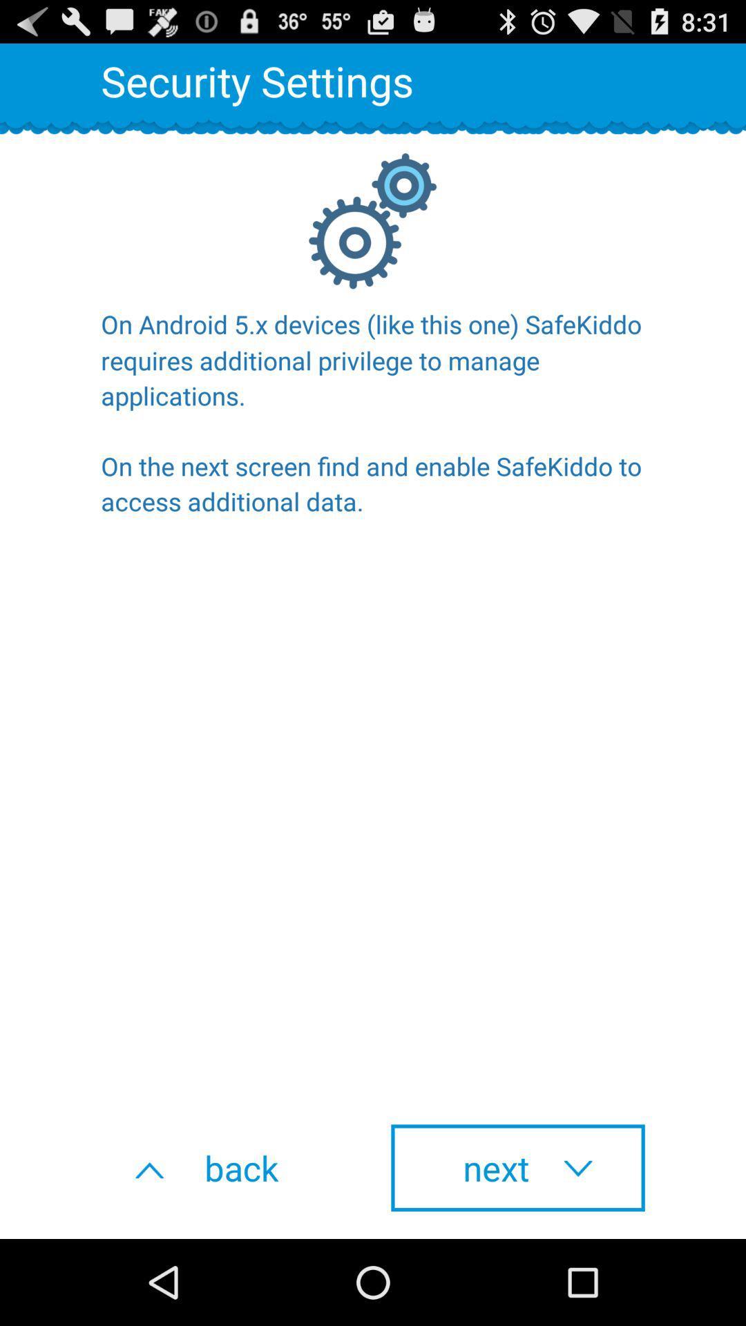  What do you see at coordinates (227, 1167) in the screenshot?
I see `item at the bottom left corner` at bounding box center [227, 1167].